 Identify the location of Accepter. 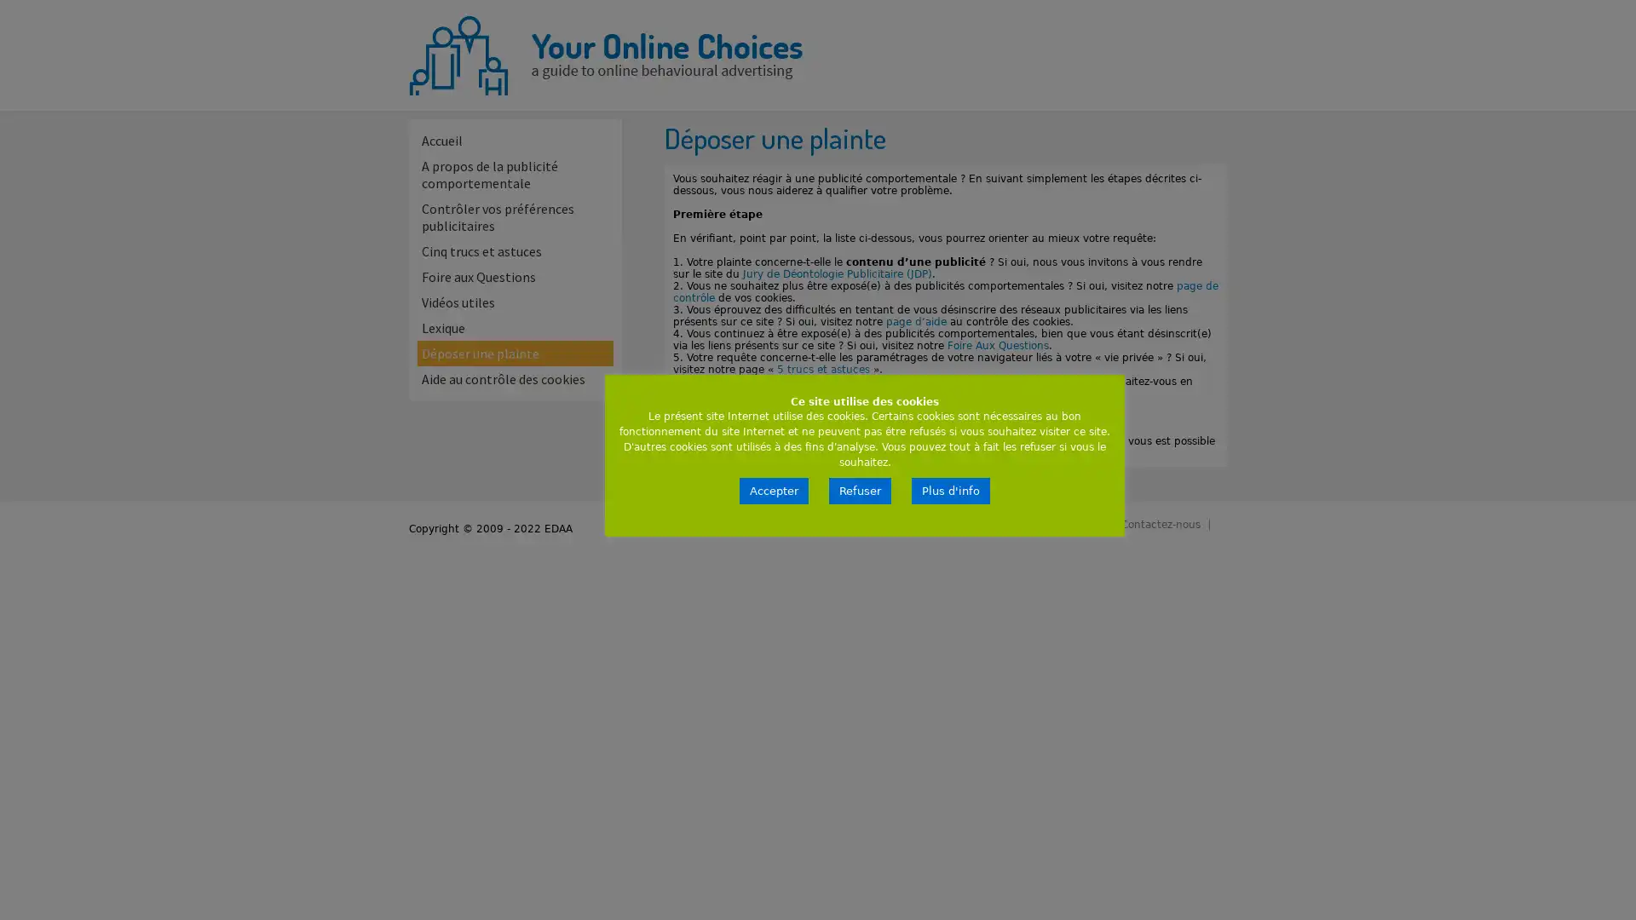
(773, 491).